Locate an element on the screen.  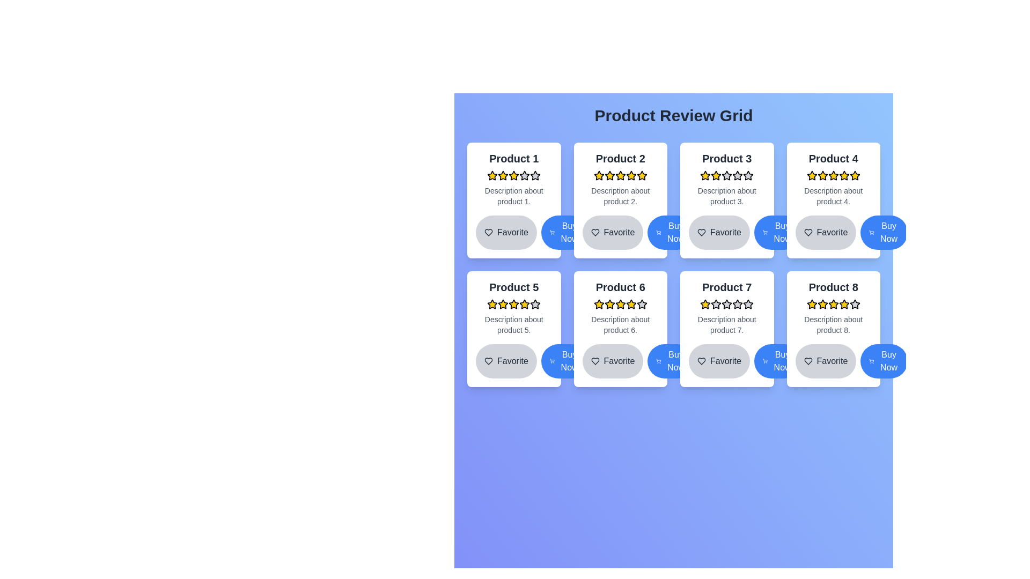
the fourth star icon in the rating system within 'Product 7' card to change the rating is located at coordinates (727, 304).